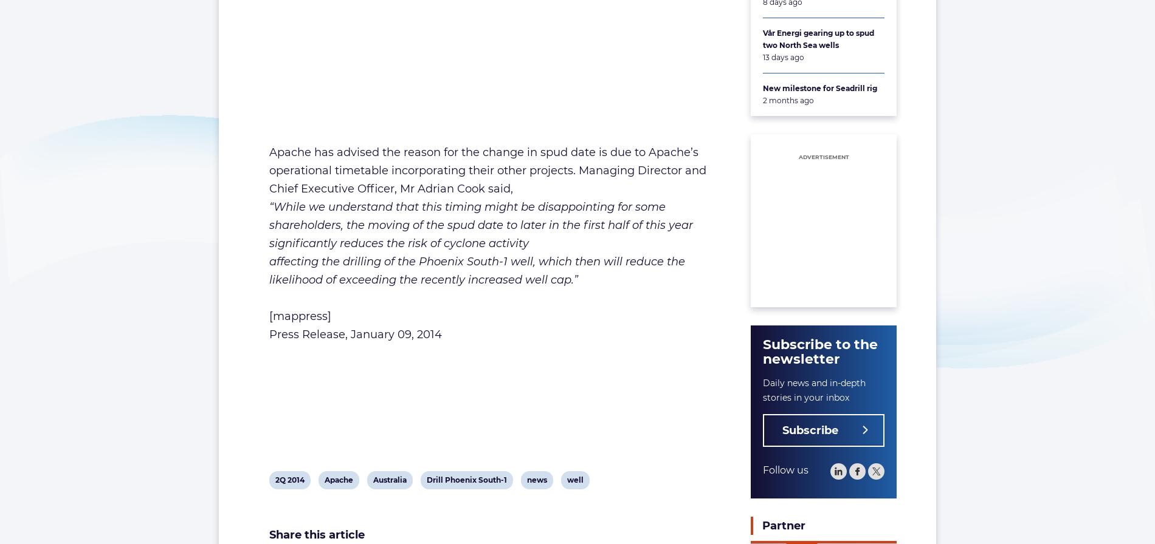 This screenshot has height=544, width=1155. I want to click on '“While we understand that this timing might be disappointing for some shareholders, the moving of the spud date to later in the first half of this year significantly reduces the risk of cyclone activity', so click(480, 224).